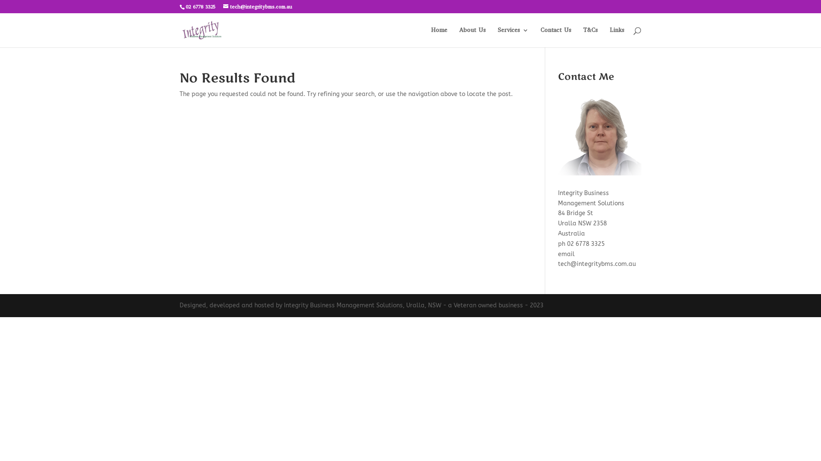 Image resolution: width=821 pixels, height=461 pixels. I want to click on 'Services', so click(513, 37).